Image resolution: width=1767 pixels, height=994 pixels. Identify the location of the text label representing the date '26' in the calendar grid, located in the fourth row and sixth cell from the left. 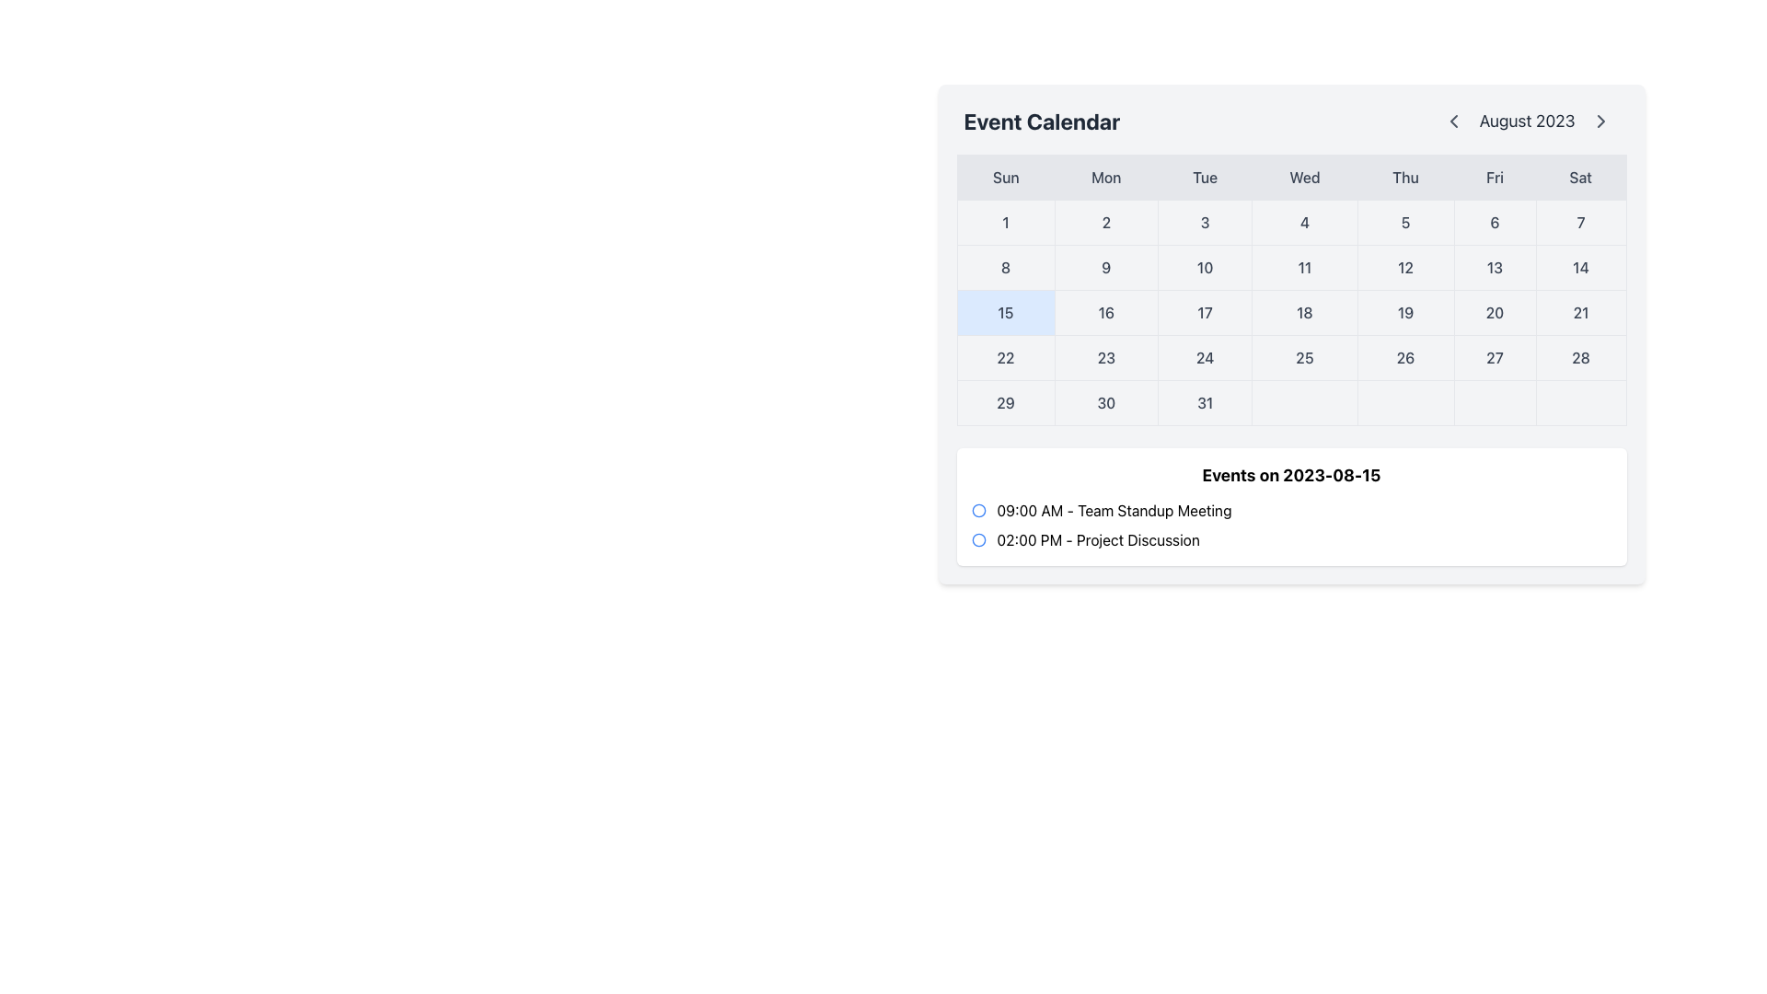
(1404, 358).